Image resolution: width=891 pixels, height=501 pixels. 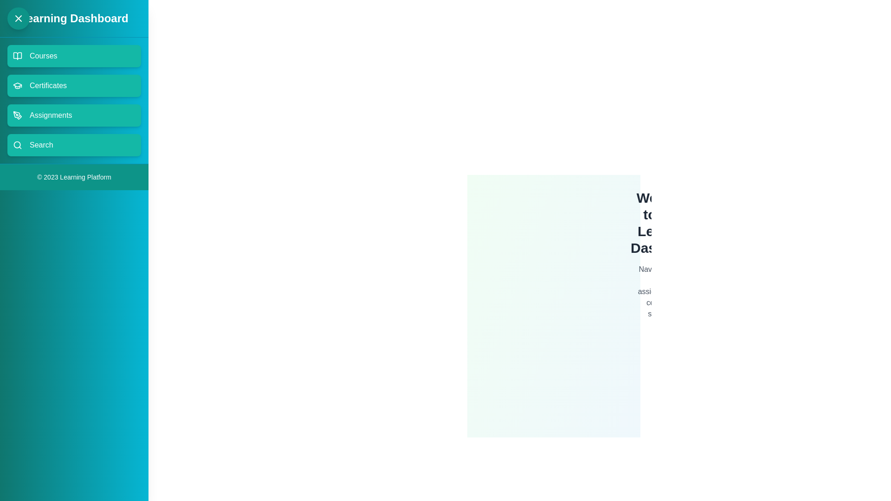 What do you see at coordinates (73, 177) in the screenshot?
I see `the text label displaying '© 2023 Learning Platform' located at the bottom of the left-hand teal sidebar` at bounding box center [73, 177].